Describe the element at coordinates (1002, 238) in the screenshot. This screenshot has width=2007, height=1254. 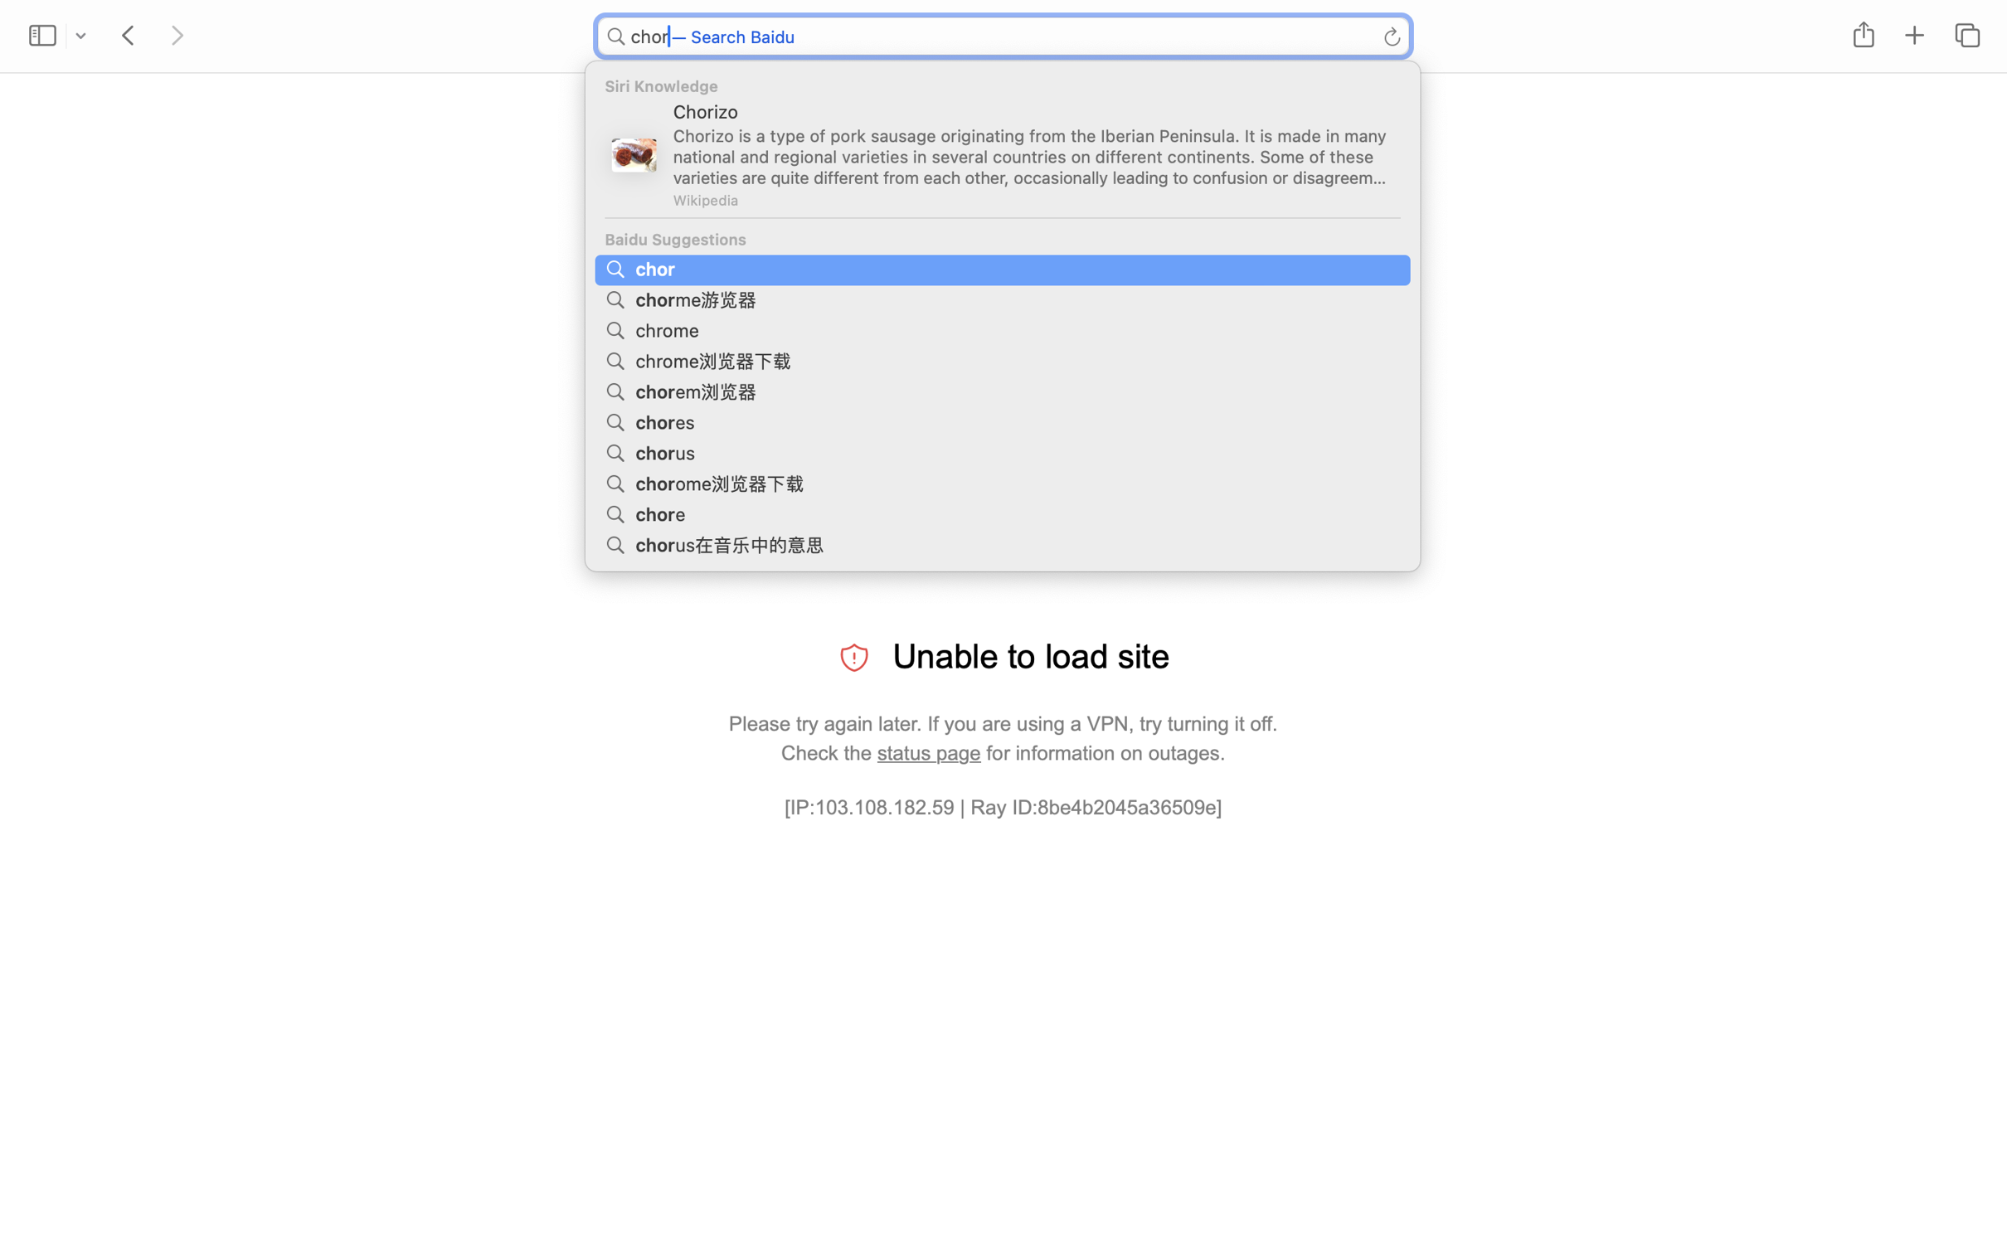
I see `'Baidu Suggestions'` at that location.